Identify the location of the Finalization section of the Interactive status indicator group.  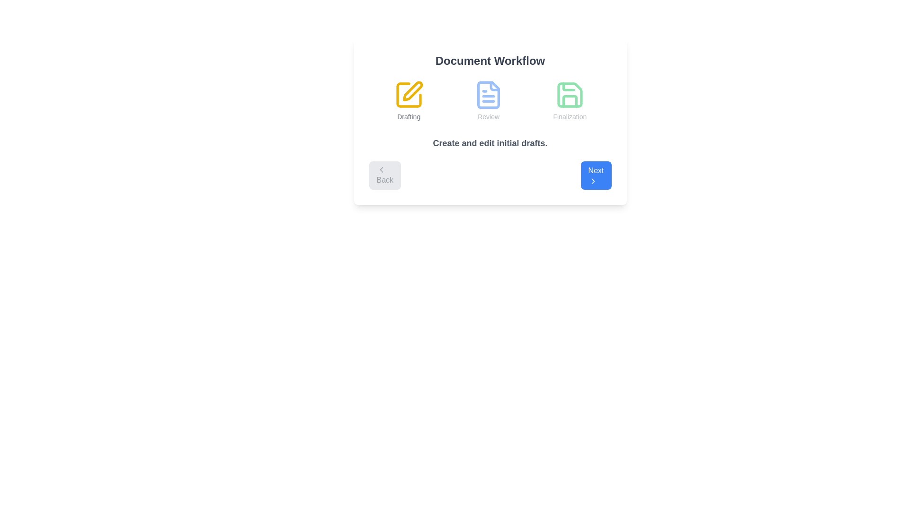
(490, 100).